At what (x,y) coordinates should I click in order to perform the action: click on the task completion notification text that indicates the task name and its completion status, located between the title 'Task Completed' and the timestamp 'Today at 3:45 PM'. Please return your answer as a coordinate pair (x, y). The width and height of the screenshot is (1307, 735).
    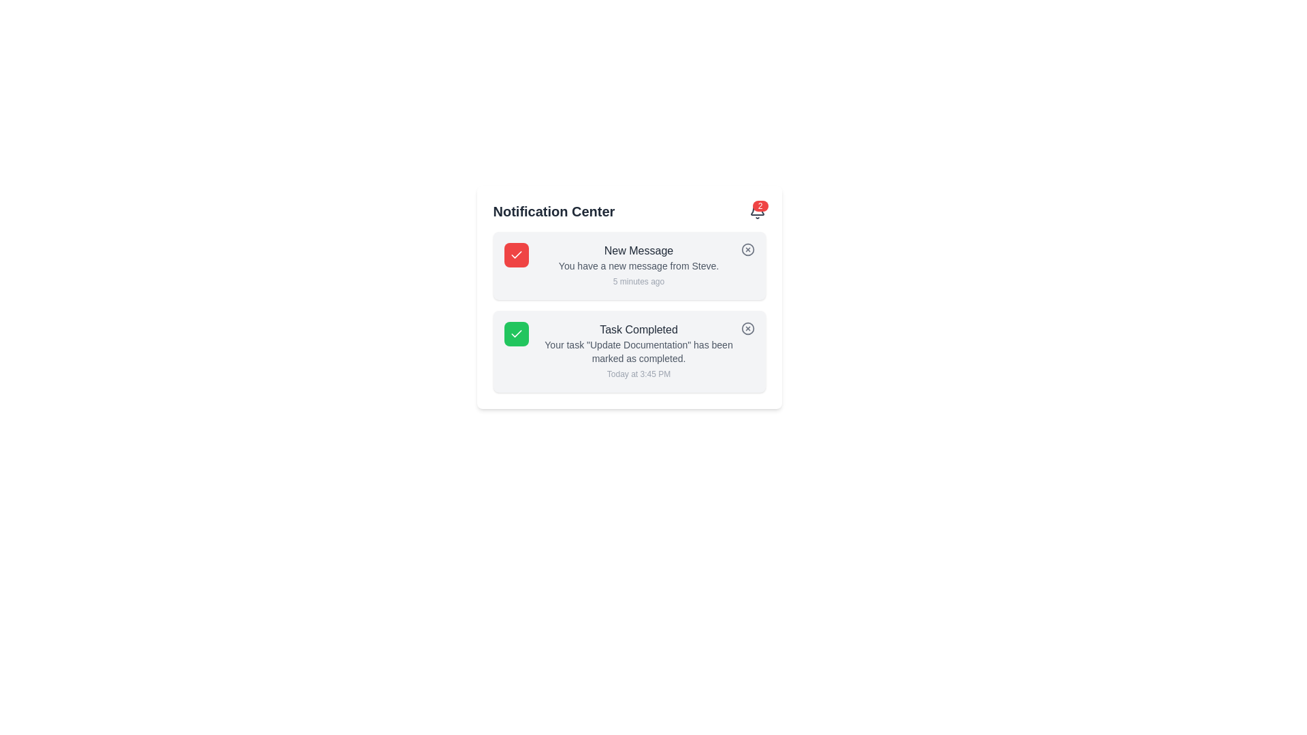
    Looking at the image, I should click on (638, 350).